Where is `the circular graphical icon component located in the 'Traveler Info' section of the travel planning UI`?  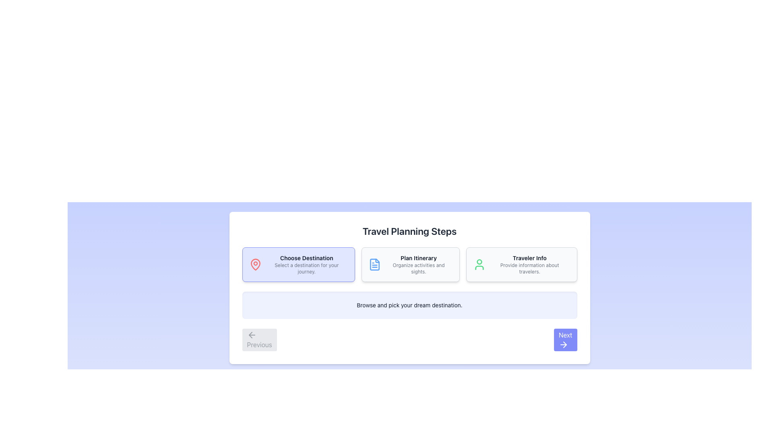 the circular graphical icon component located in the 'Traveler Info' section of the travel planning UI is located at coordinates (479, 262).